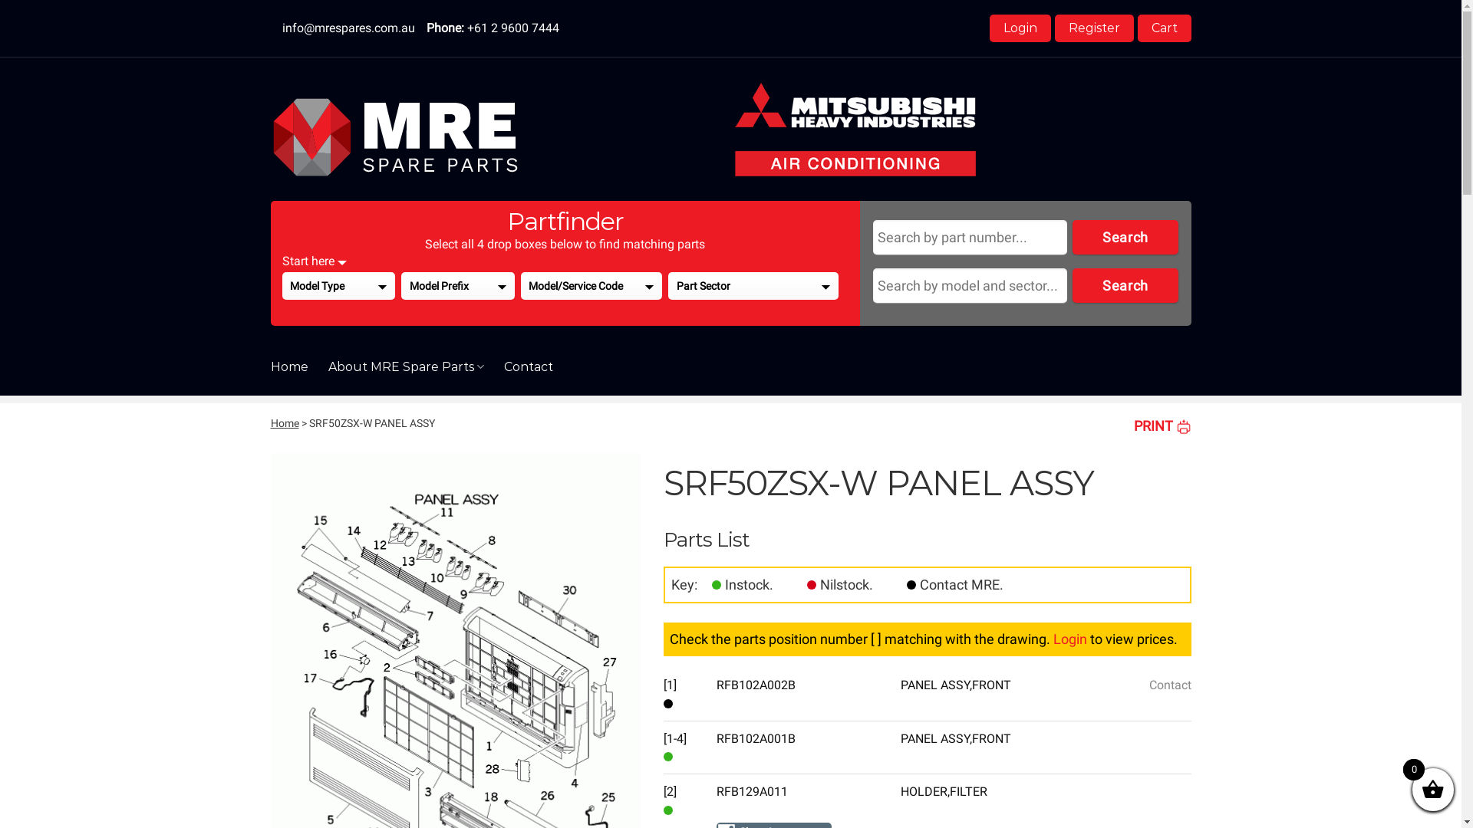  I want to click on 'Cart', so click(1137, 28).